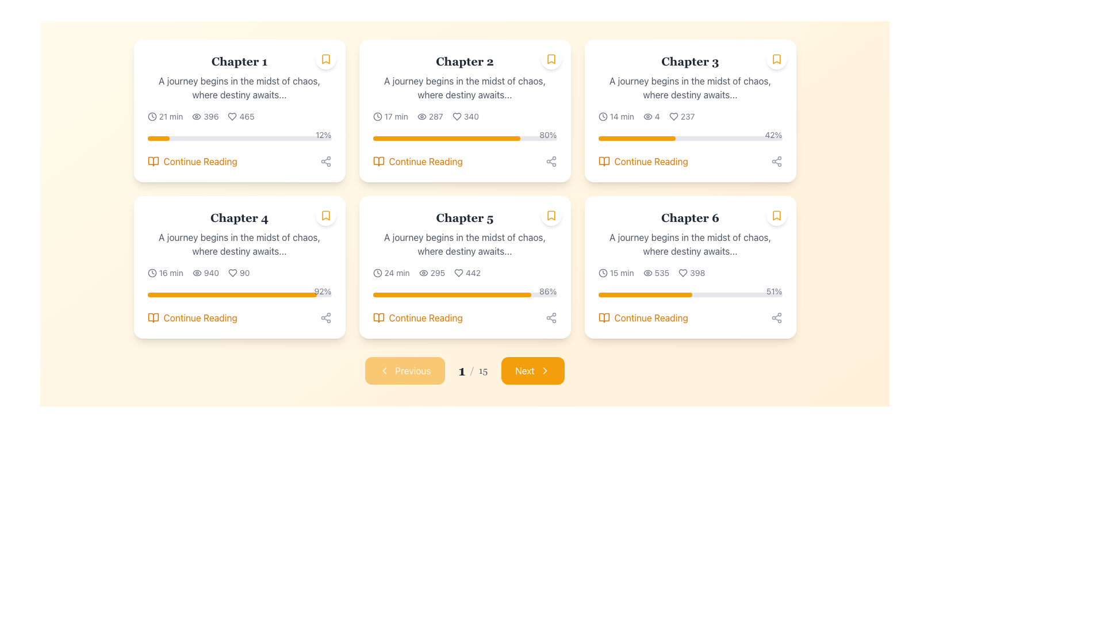 This screenshot has width=1104, height=621. I want to click on the clock icon representing the duration for 'Chapter 6', located in the top-left corner of the card, adjacent to the text '15 min', so click(602, 273).